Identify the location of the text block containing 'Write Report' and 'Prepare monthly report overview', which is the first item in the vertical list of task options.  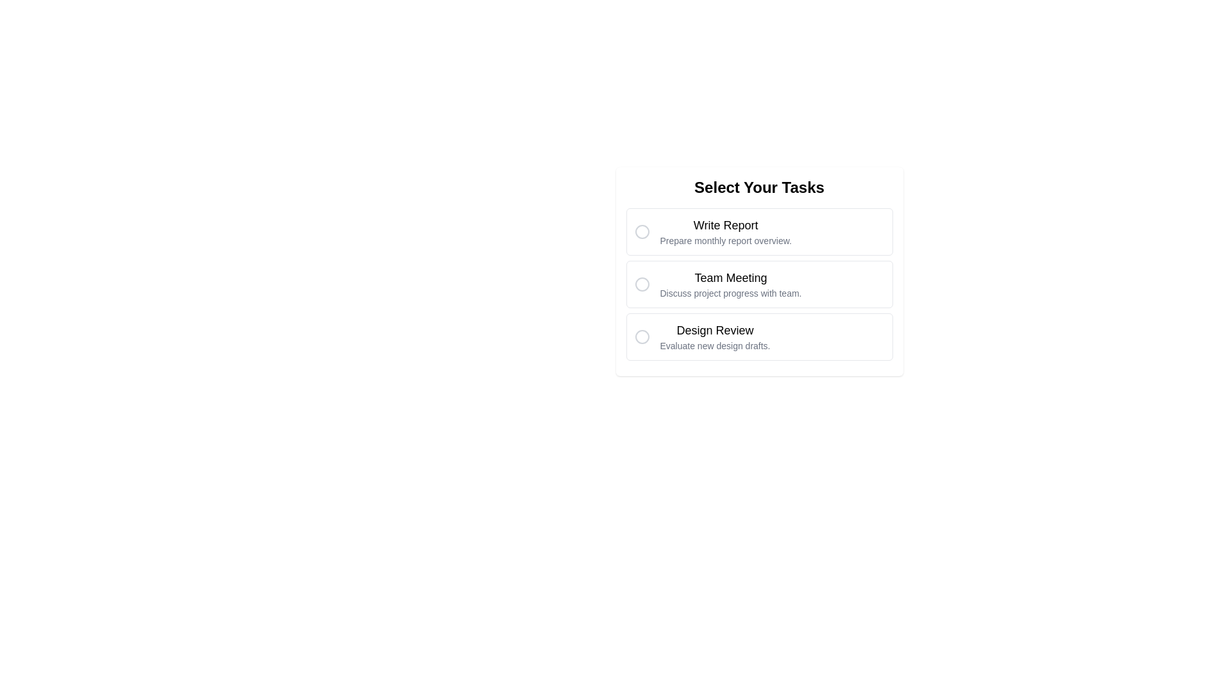
(726, 232).